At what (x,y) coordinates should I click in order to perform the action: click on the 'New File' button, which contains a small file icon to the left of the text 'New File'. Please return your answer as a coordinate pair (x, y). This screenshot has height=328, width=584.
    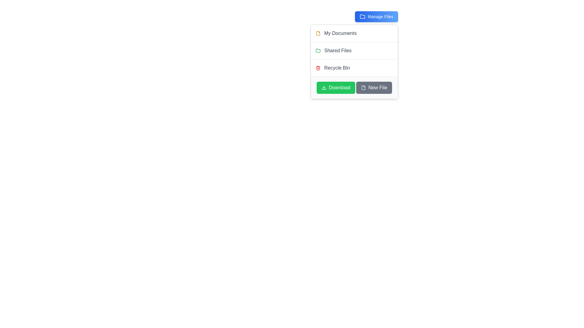
    Looking at the image, I should click on (363, 88).